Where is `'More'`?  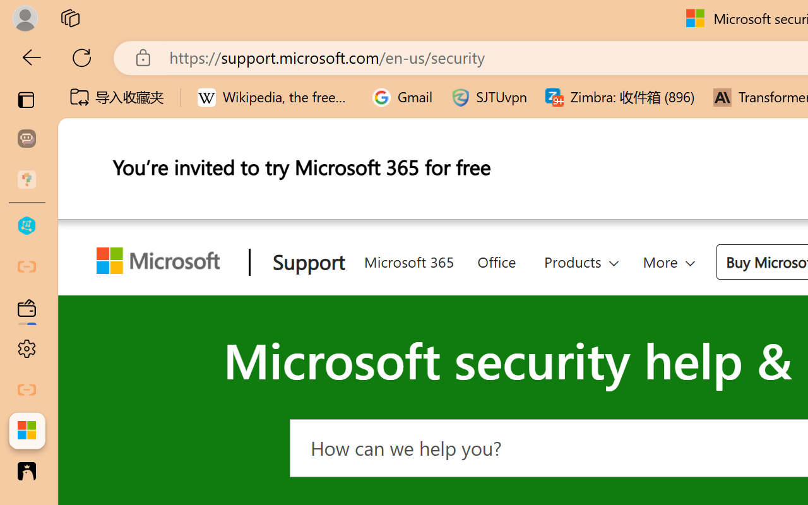 'More' is located at coordinates (669, 261).